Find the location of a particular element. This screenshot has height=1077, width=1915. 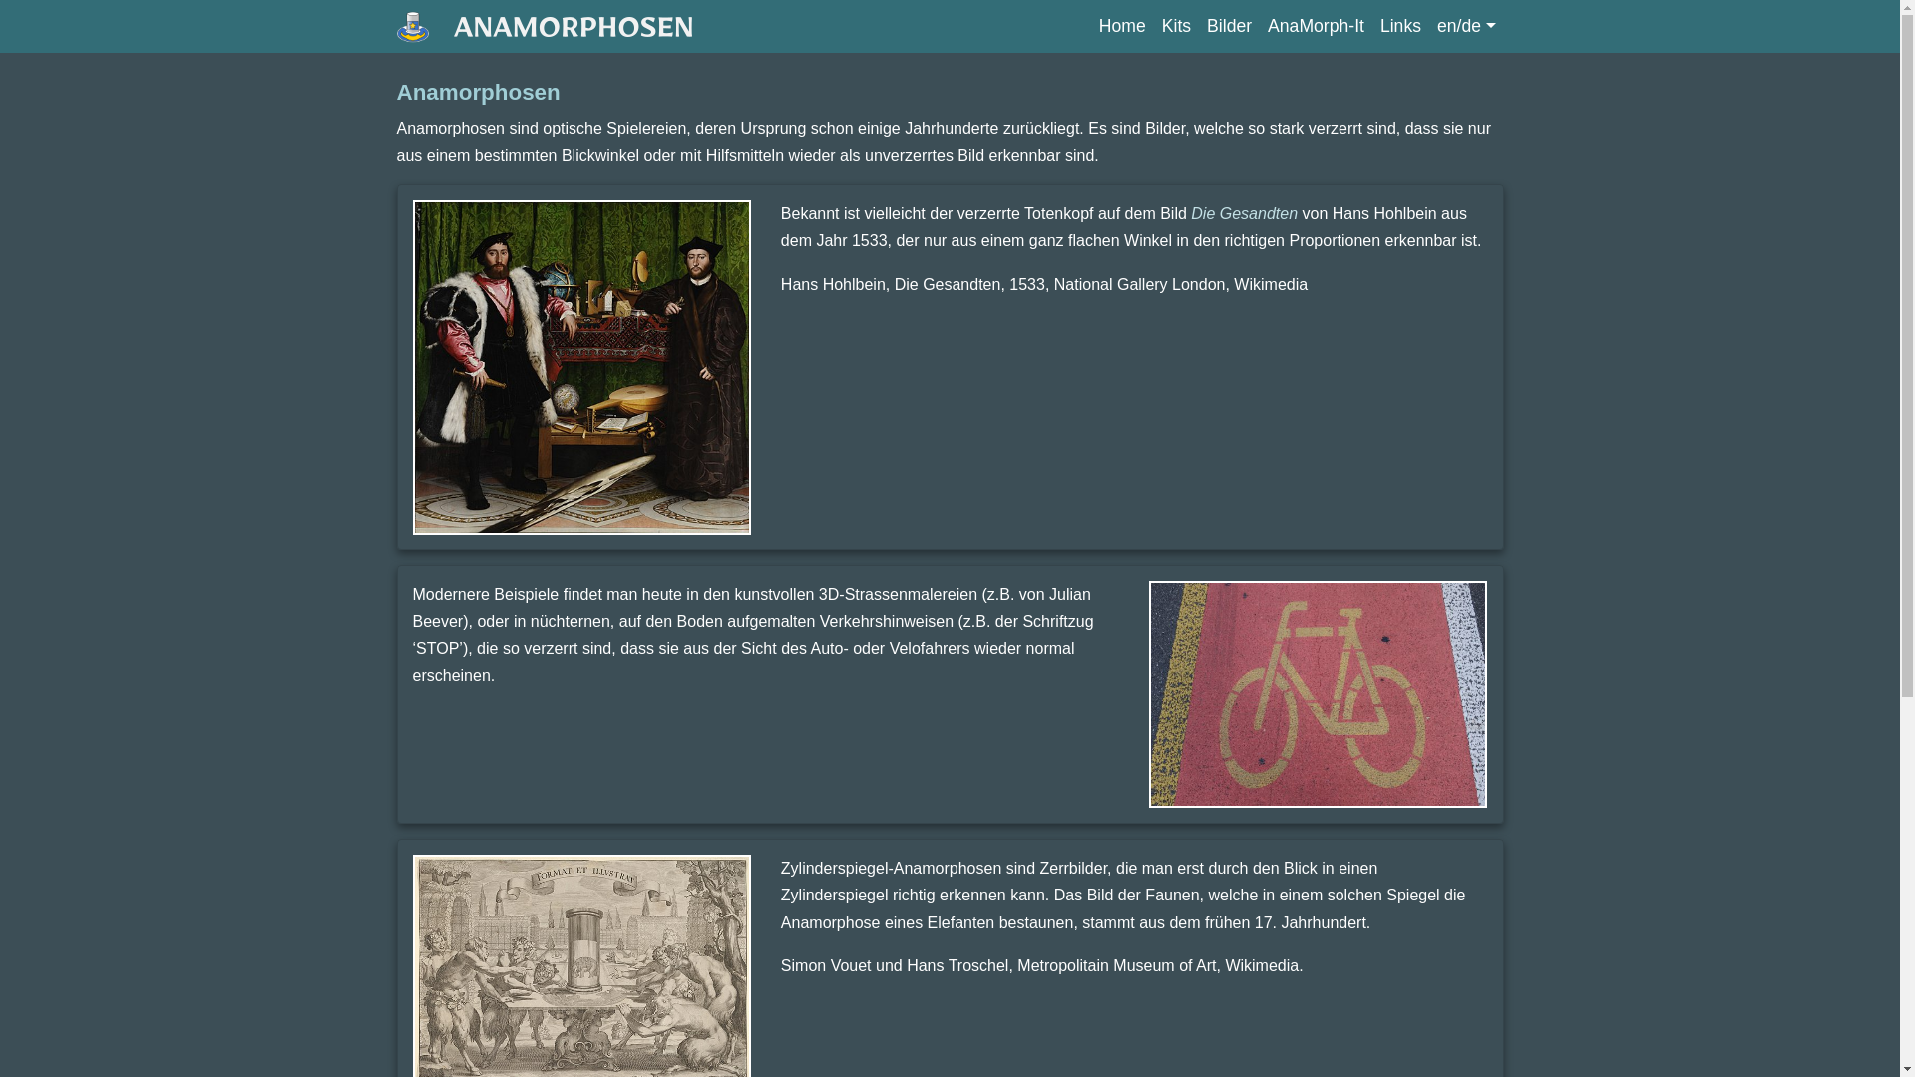

'en/de' is located at coordinates (1428, 26).